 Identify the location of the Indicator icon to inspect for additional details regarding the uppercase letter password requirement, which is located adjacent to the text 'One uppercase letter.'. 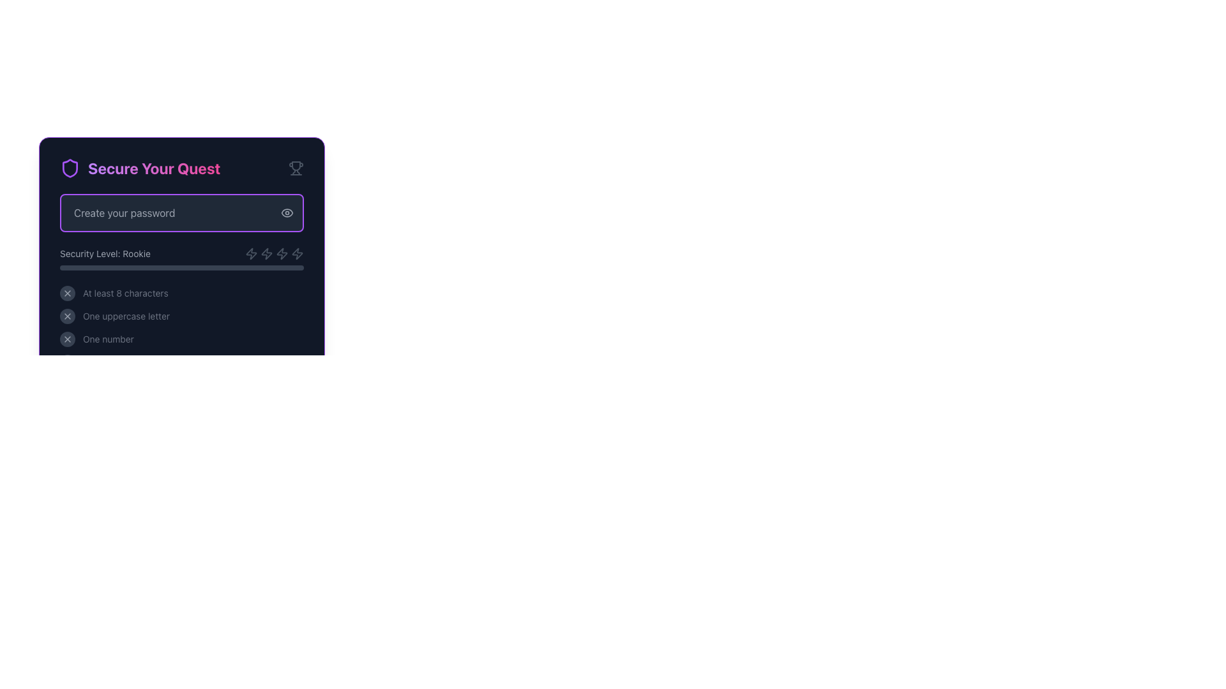
(66, 316).